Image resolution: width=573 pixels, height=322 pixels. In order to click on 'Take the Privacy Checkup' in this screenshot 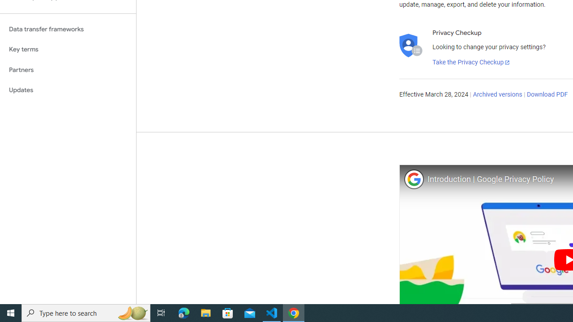, I will do `click(471, 62)`.